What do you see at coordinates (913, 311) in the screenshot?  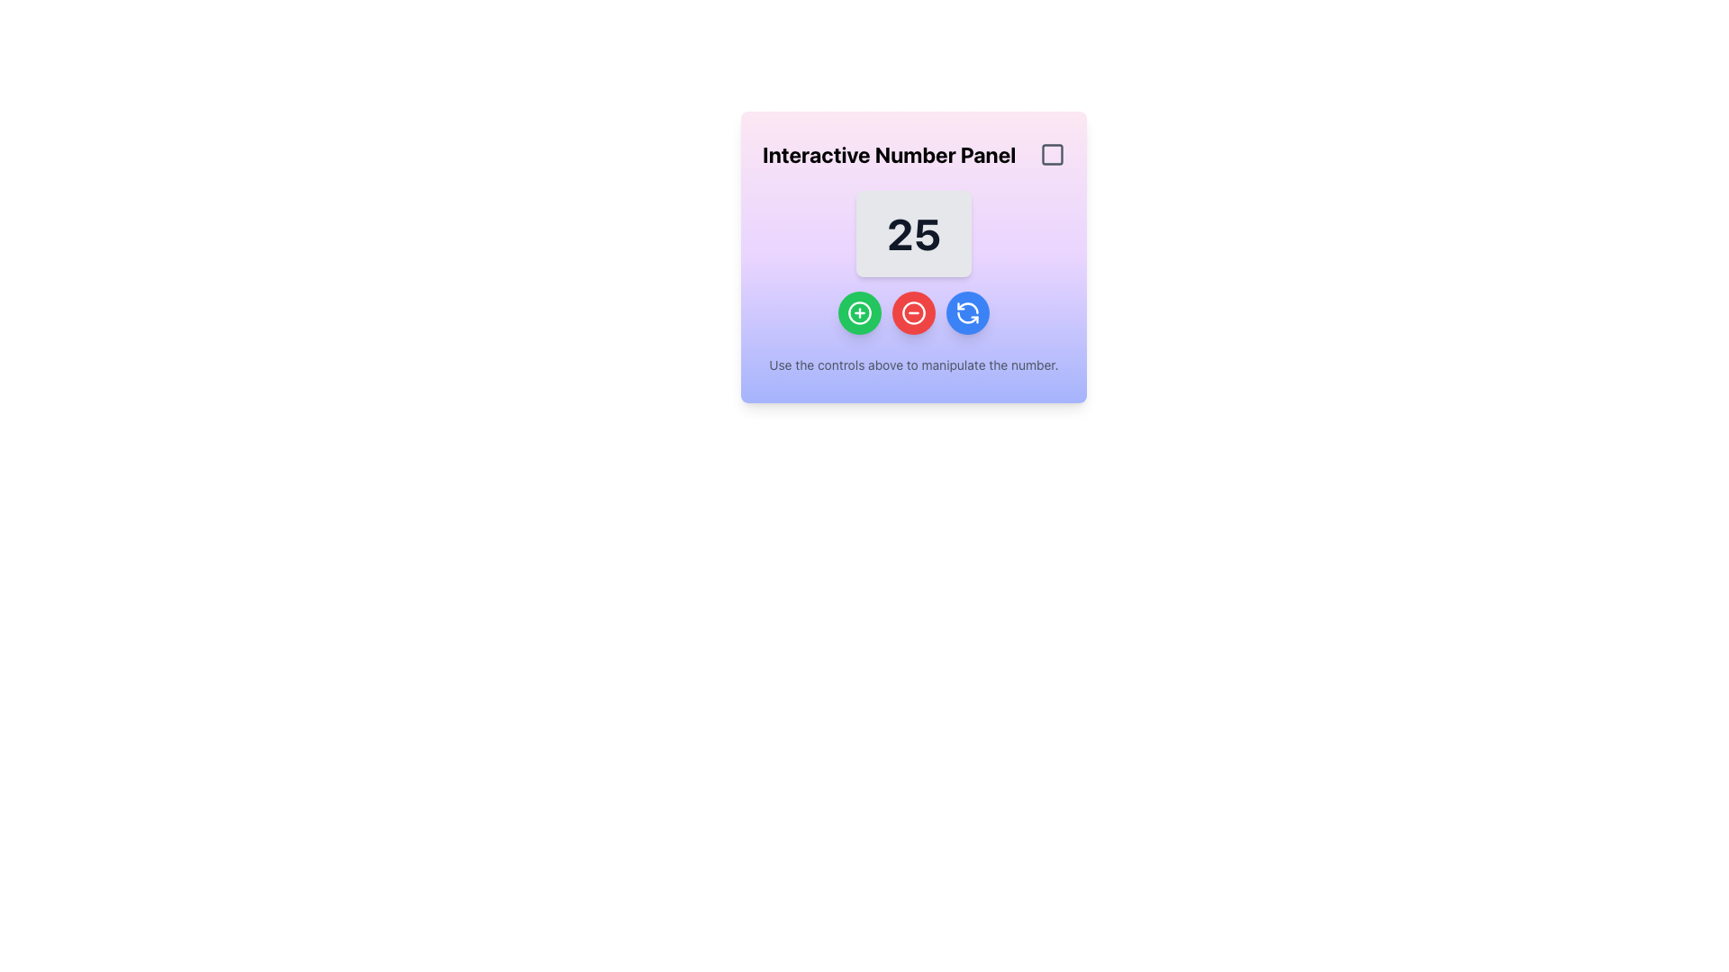 I see `the red circular button with a white minus symbol` at bounding box center [913, 311].